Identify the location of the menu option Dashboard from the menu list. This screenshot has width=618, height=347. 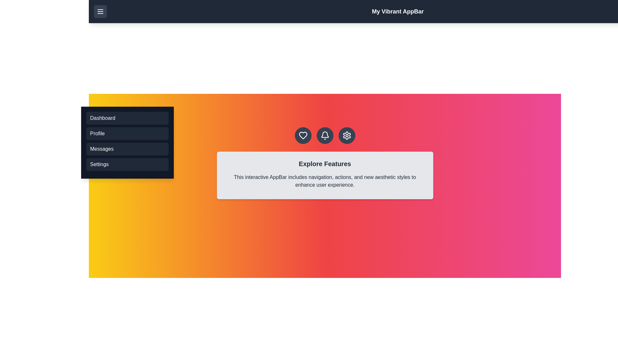
(127, 118).